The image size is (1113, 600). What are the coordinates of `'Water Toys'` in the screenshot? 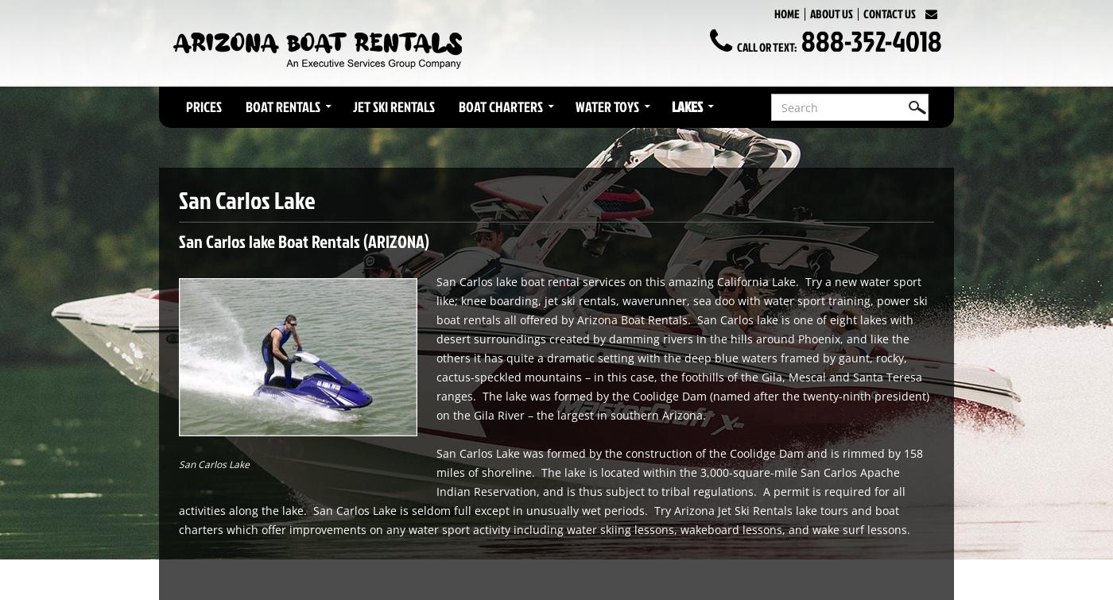 It's located at (607, 106).